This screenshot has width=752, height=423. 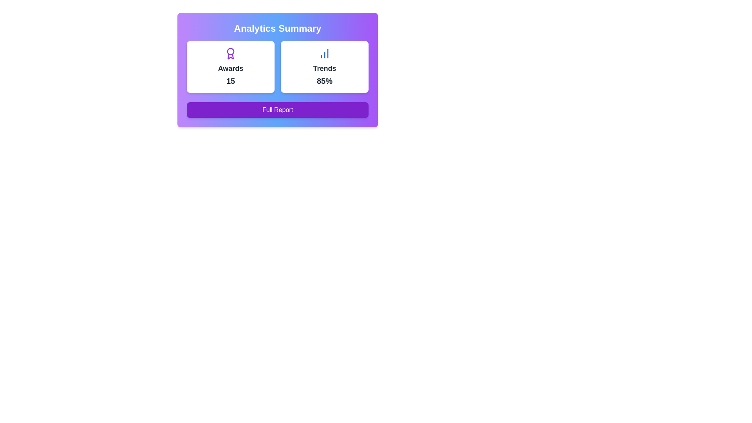 What do you see at coordinates (278, 110) in the screenshot?
I see `the button located at the bottom of the card` at bounding box center [278, 110].